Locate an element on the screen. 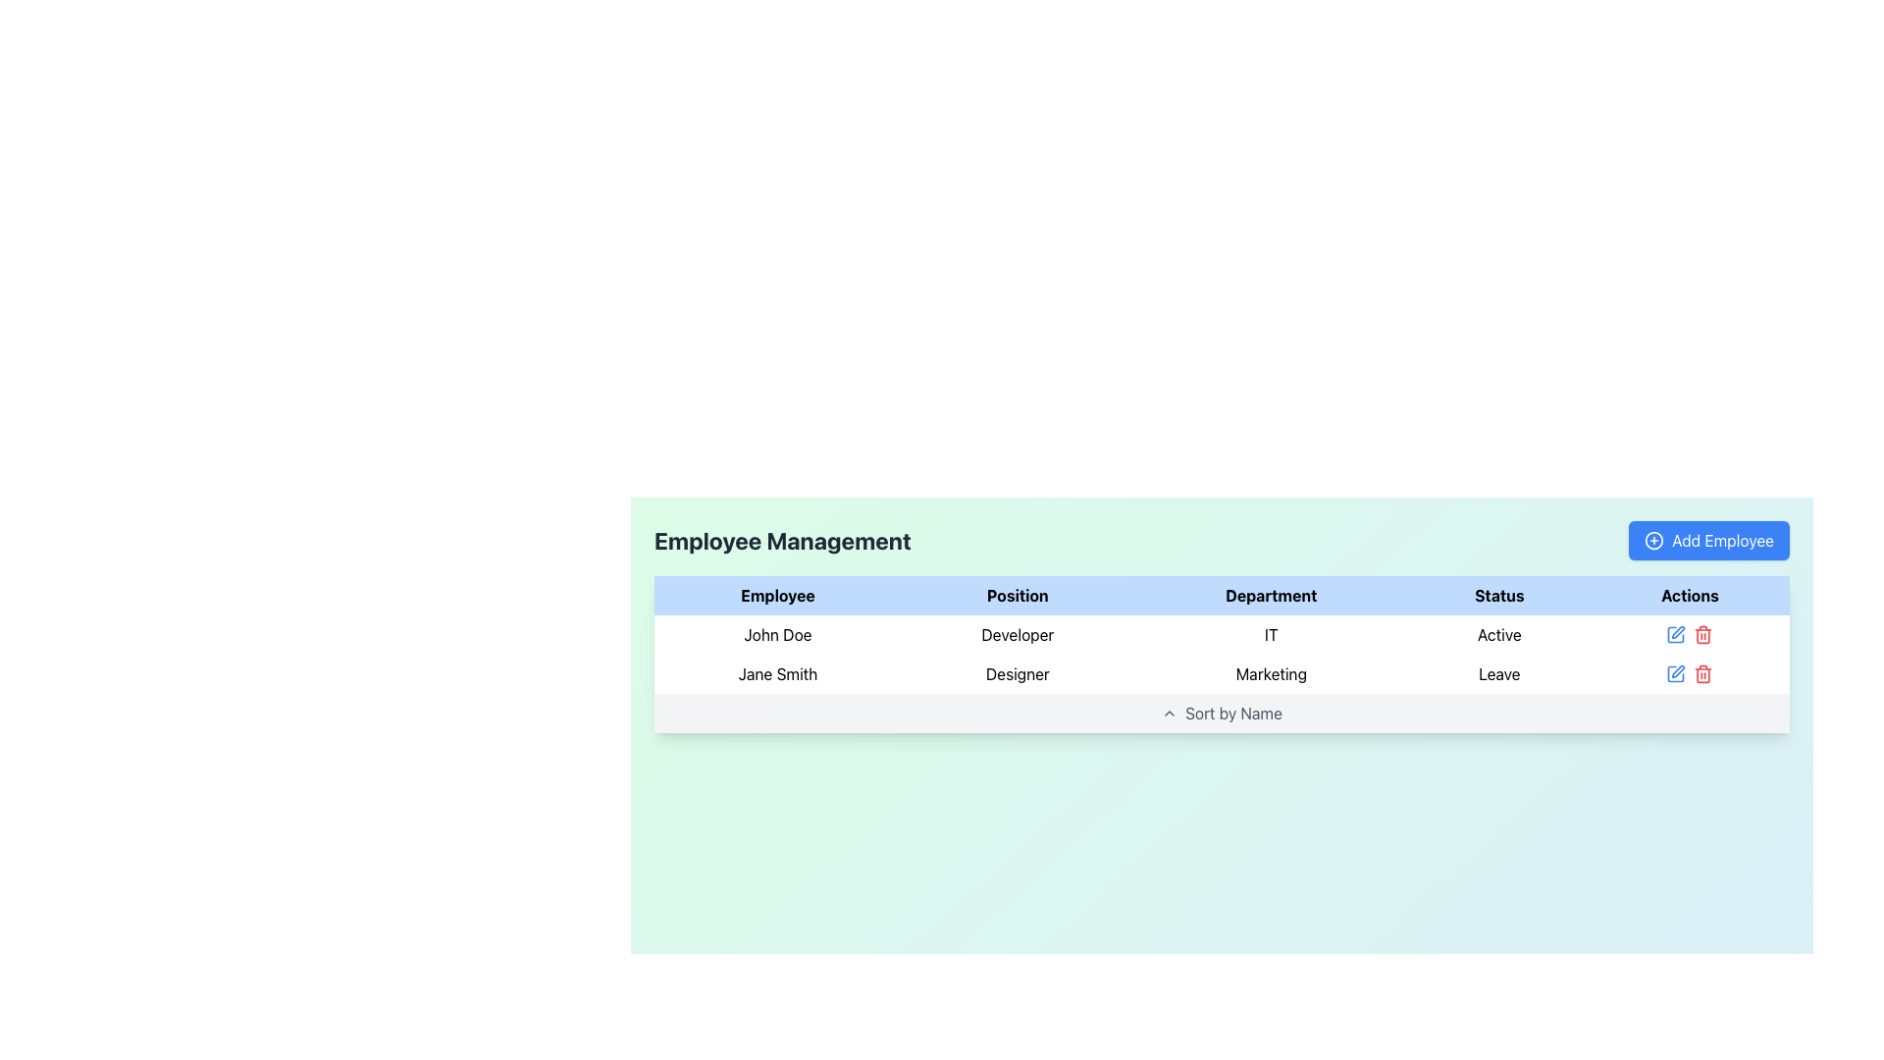  the second component of the trashcan icon in the Actions column of the table, which represents a delete or remove action is located at coordinates (1702, 674).